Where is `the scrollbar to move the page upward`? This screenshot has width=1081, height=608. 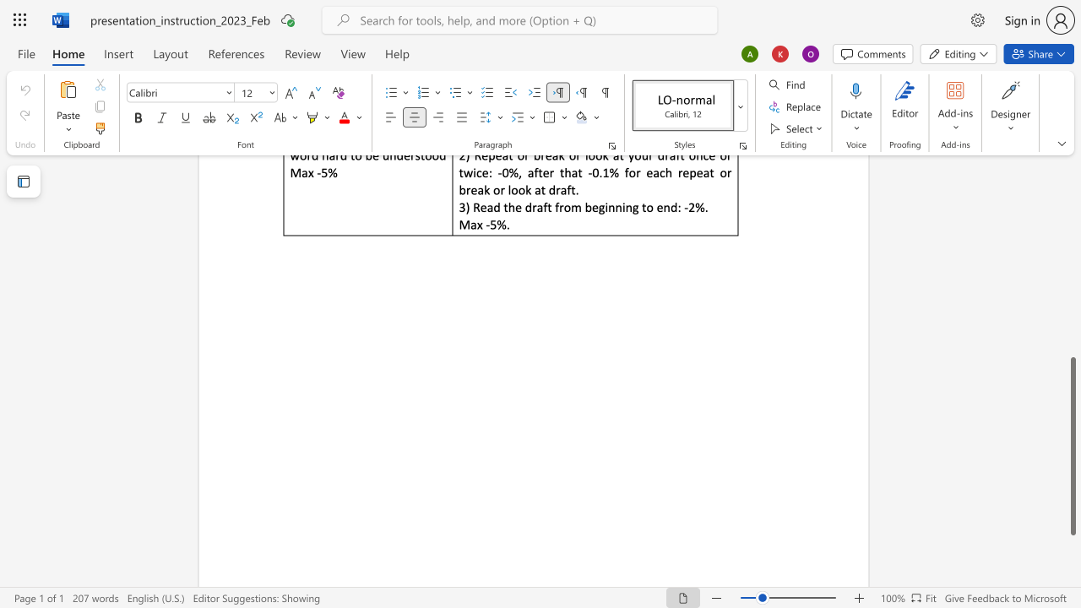
the scrollbar to move the page upward is located at coordinates (1072, 321).